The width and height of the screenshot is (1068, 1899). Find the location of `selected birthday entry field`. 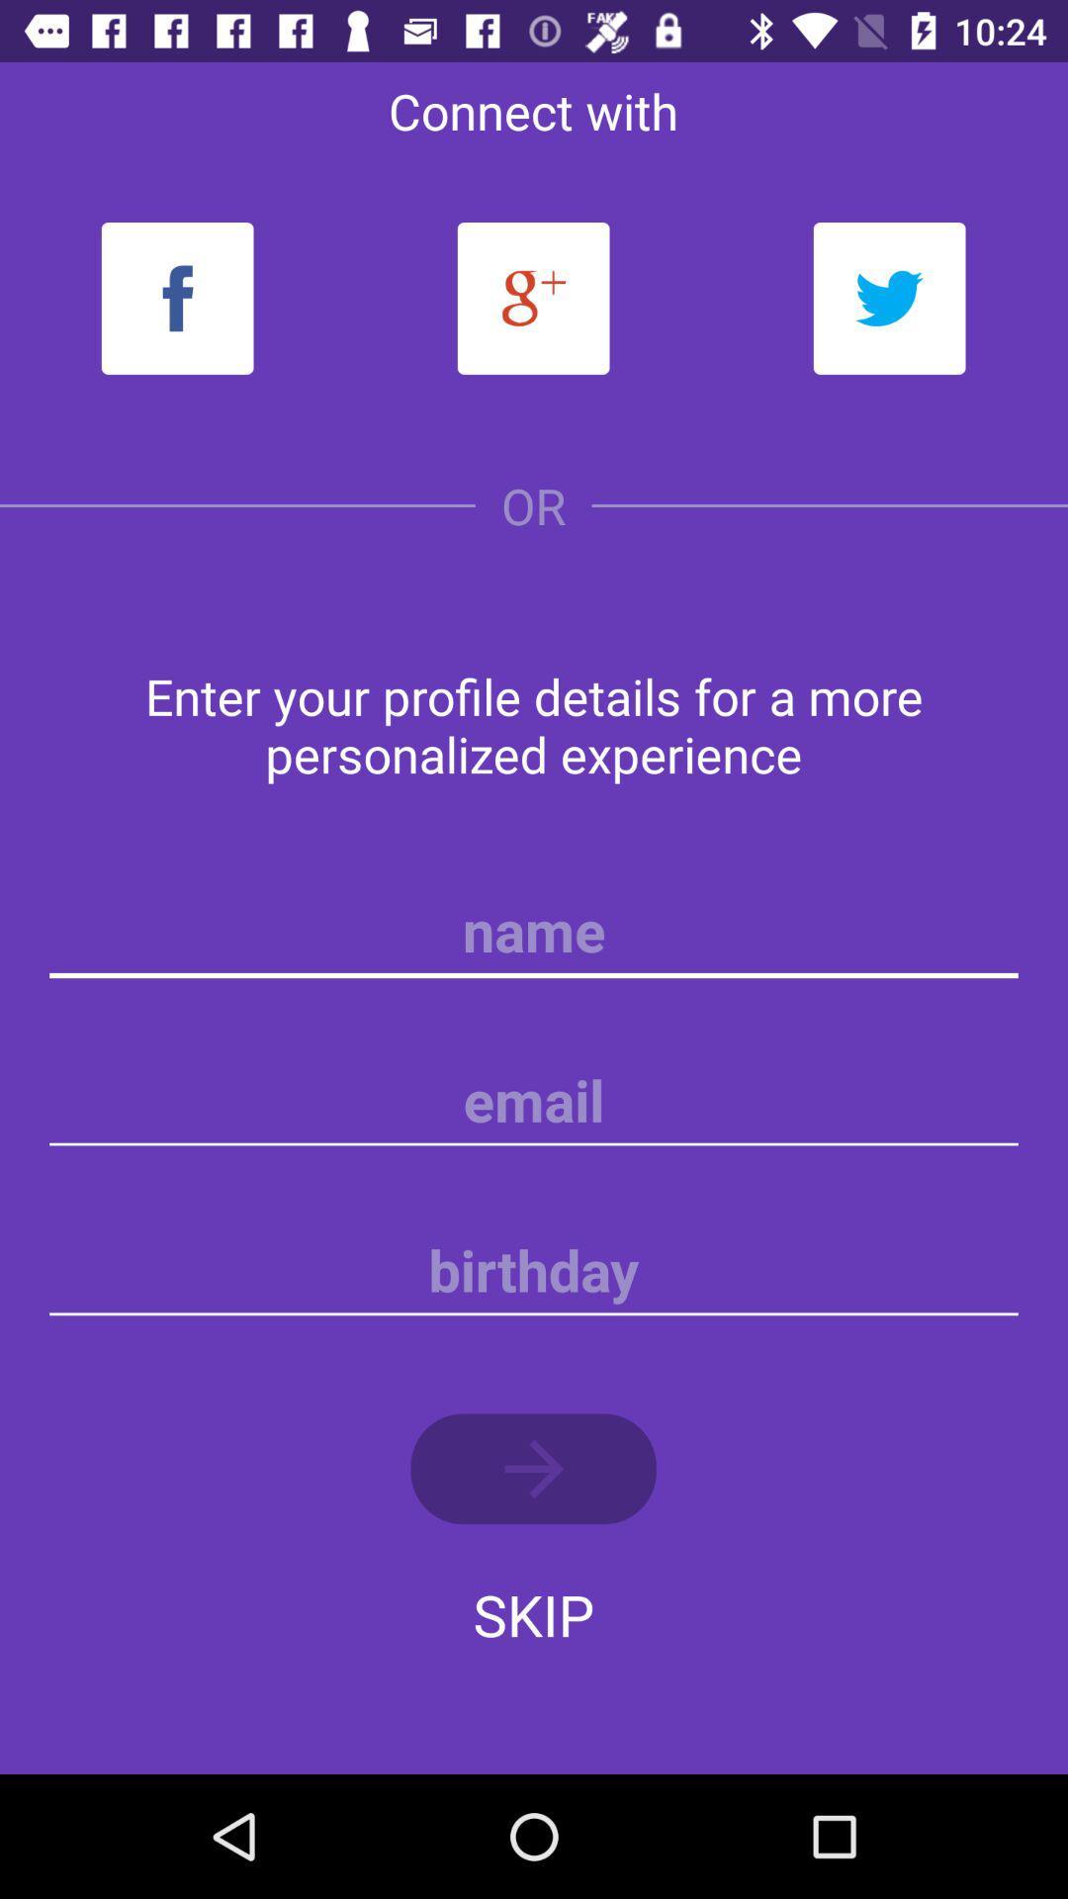

selected birthday entry field is located at coordinates (534, 1270).